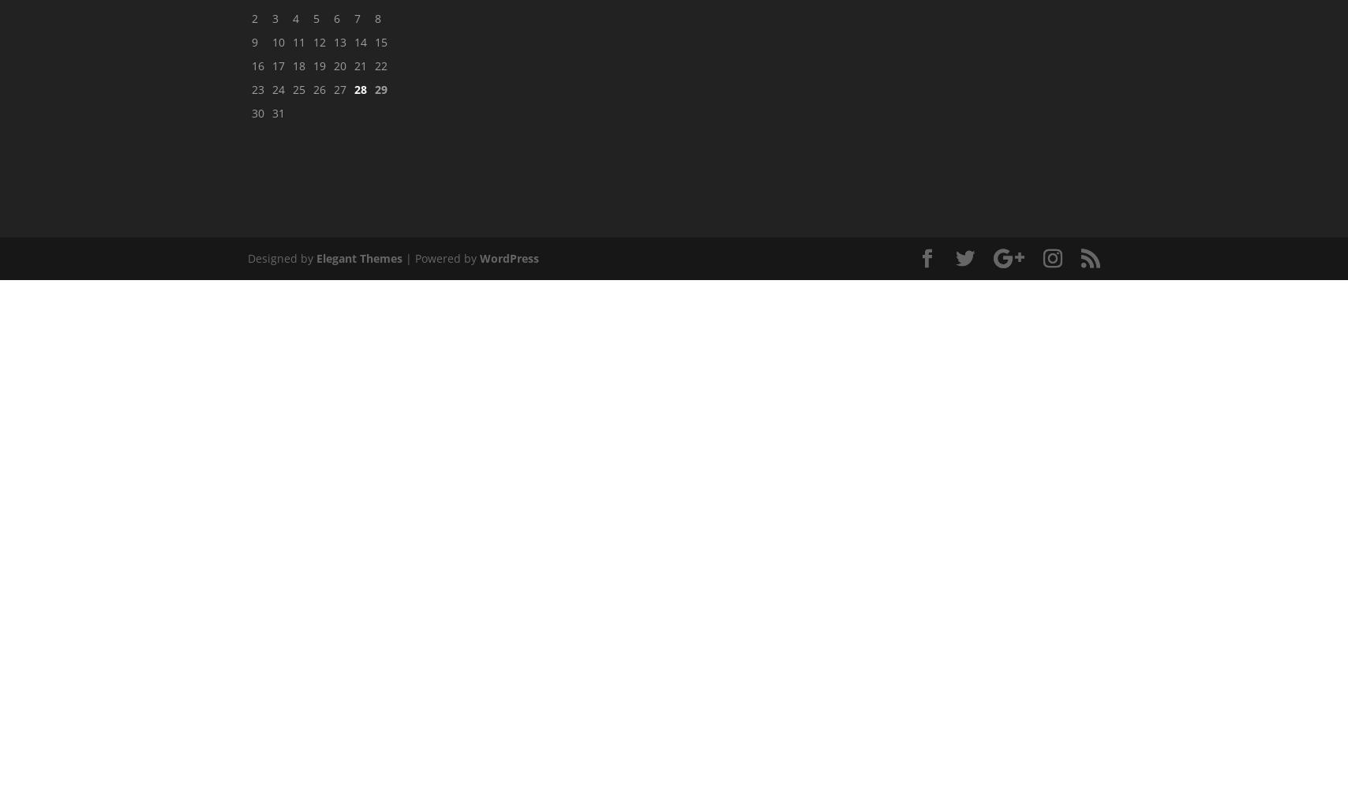  I want to click on '5', so click(316, 18).